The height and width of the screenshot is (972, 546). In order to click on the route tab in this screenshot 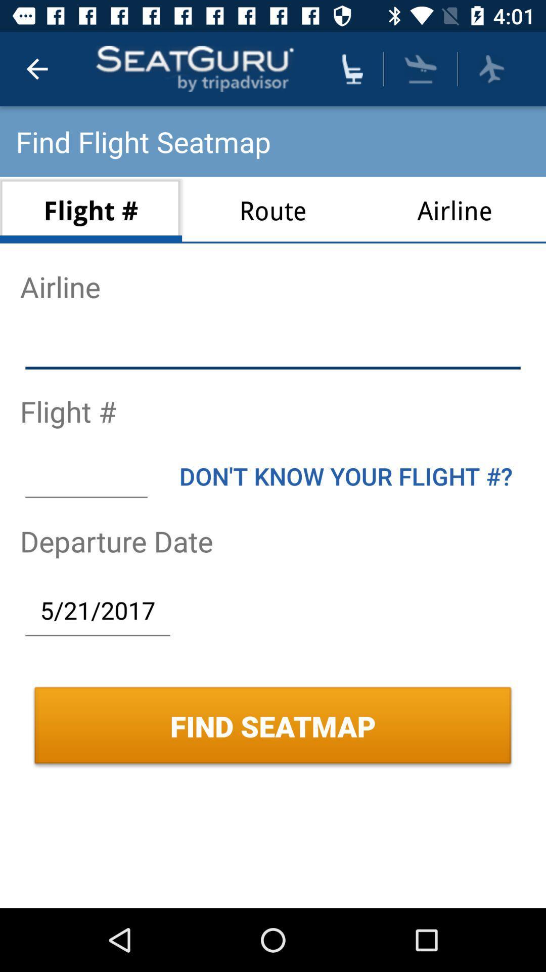, I will do `click(273, 210)`.